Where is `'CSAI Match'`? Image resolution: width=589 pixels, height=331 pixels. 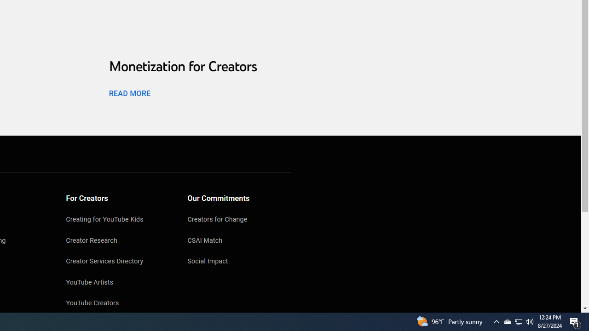 'CSAI Match' is located at coordinates (239, 240).